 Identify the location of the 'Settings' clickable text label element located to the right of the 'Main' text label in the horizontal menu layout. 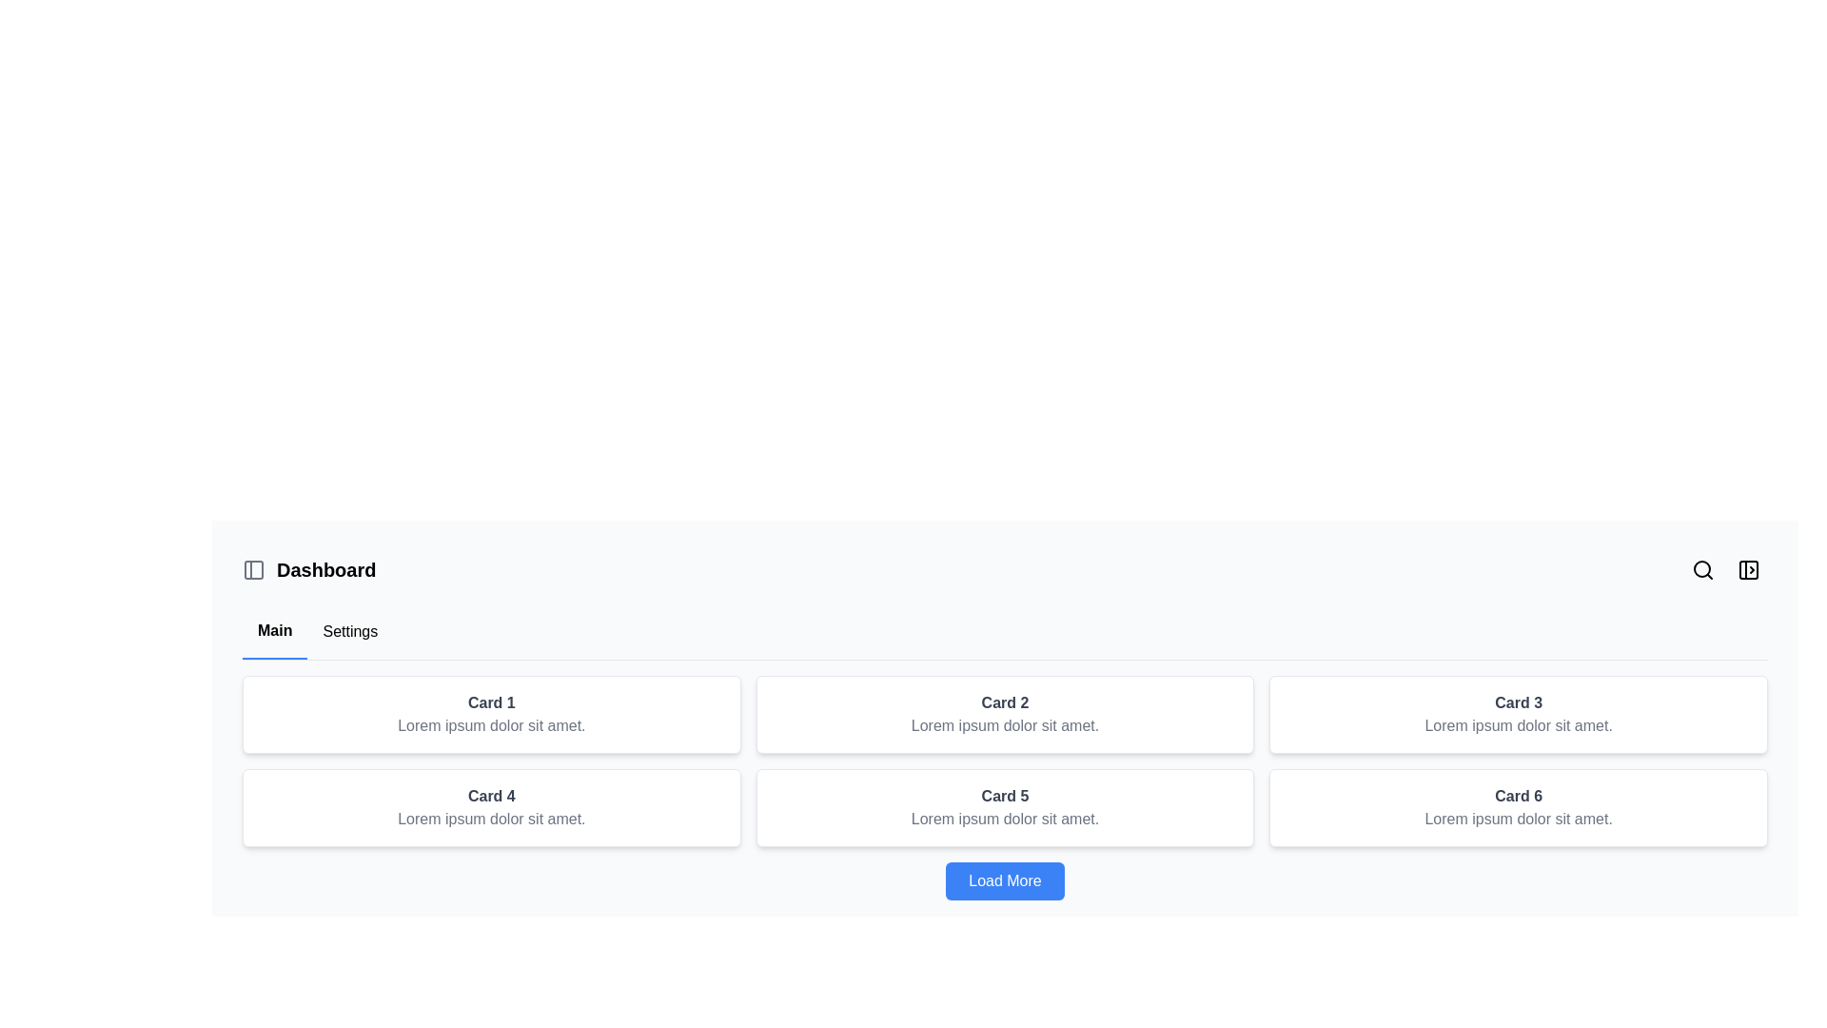
(350, 631).